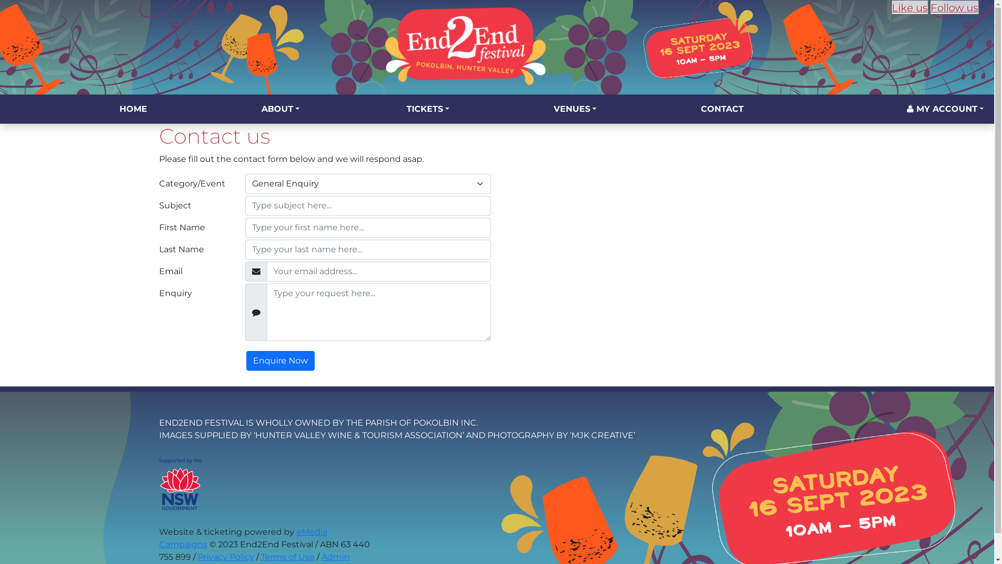  What do you see at coordinates (954, 7) in the screenshot?
I see `'Follow us'` at bounding box center [954, 7].